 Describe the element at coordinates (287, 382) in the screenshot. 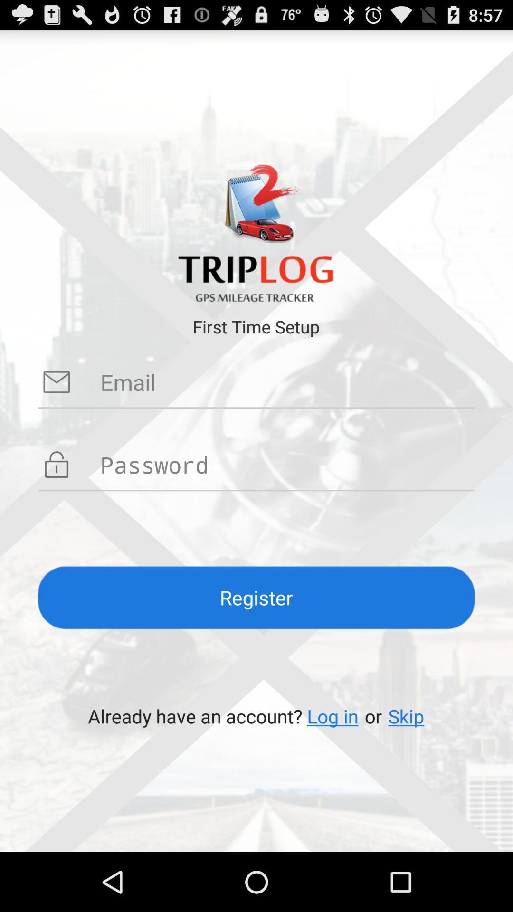

I see `email` at that location.